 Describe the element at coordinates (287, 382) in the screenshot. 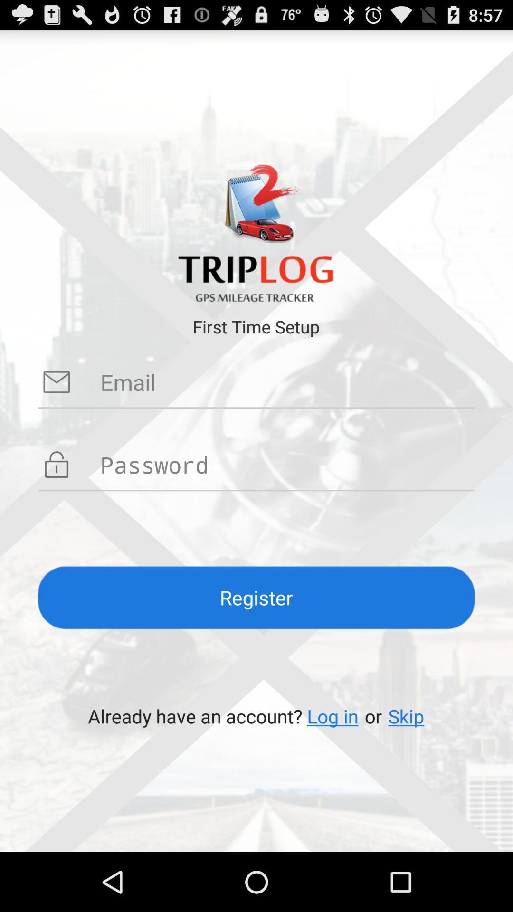

I see `email` at that location.